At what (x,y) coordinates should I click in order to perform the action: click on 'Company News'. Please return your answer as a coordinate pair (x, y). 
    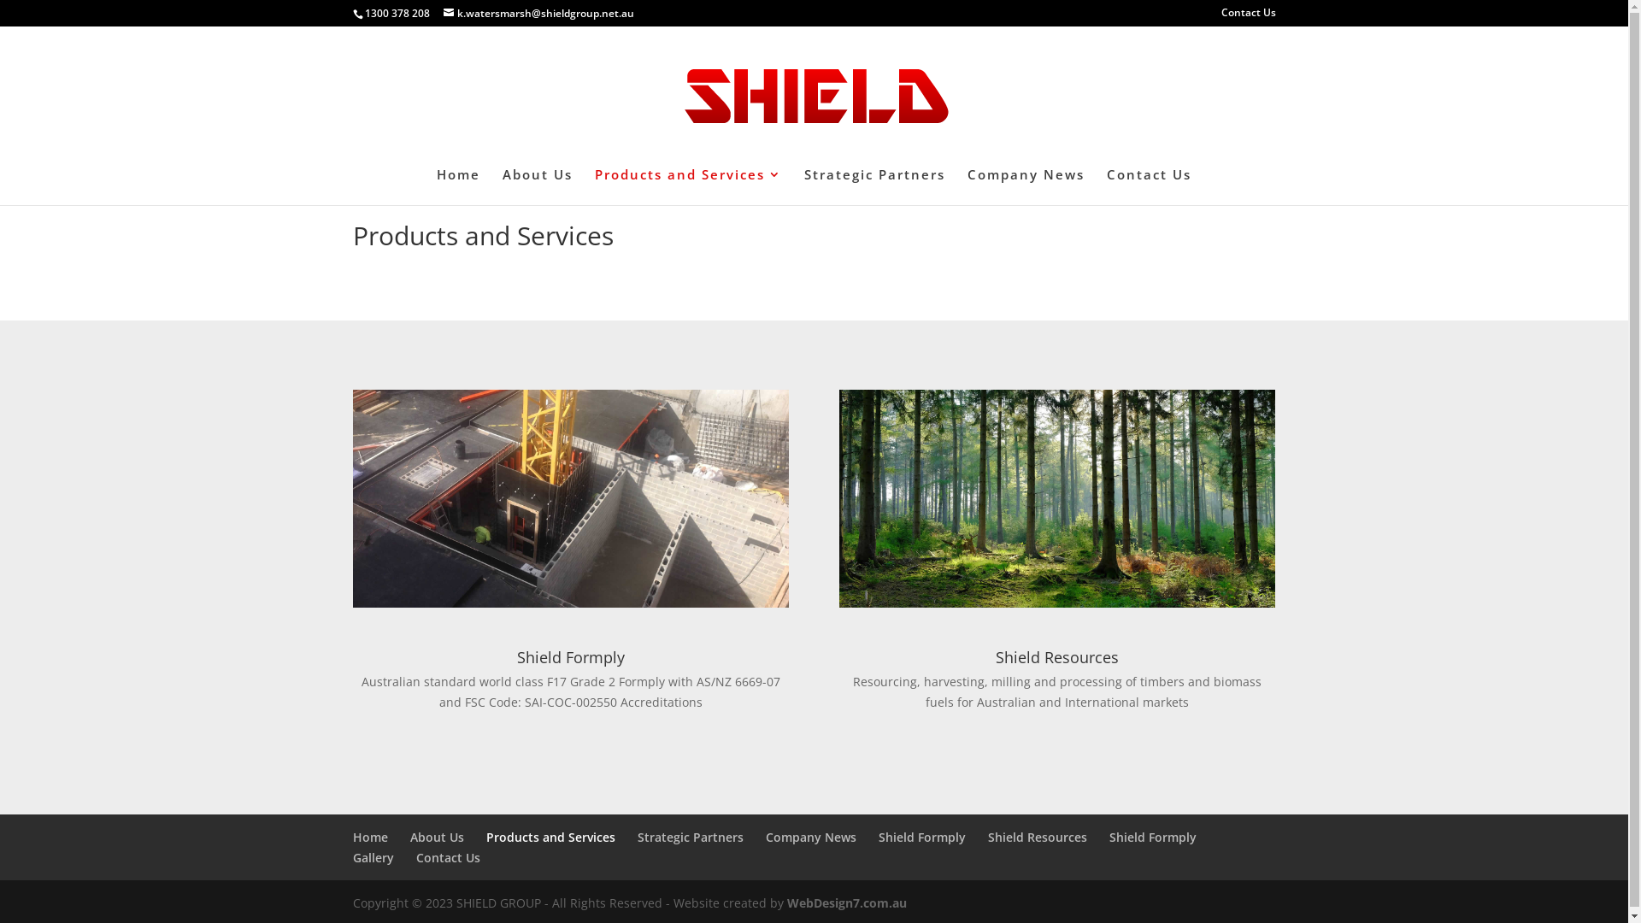
    Looking at the image, I should click on (810, 836).